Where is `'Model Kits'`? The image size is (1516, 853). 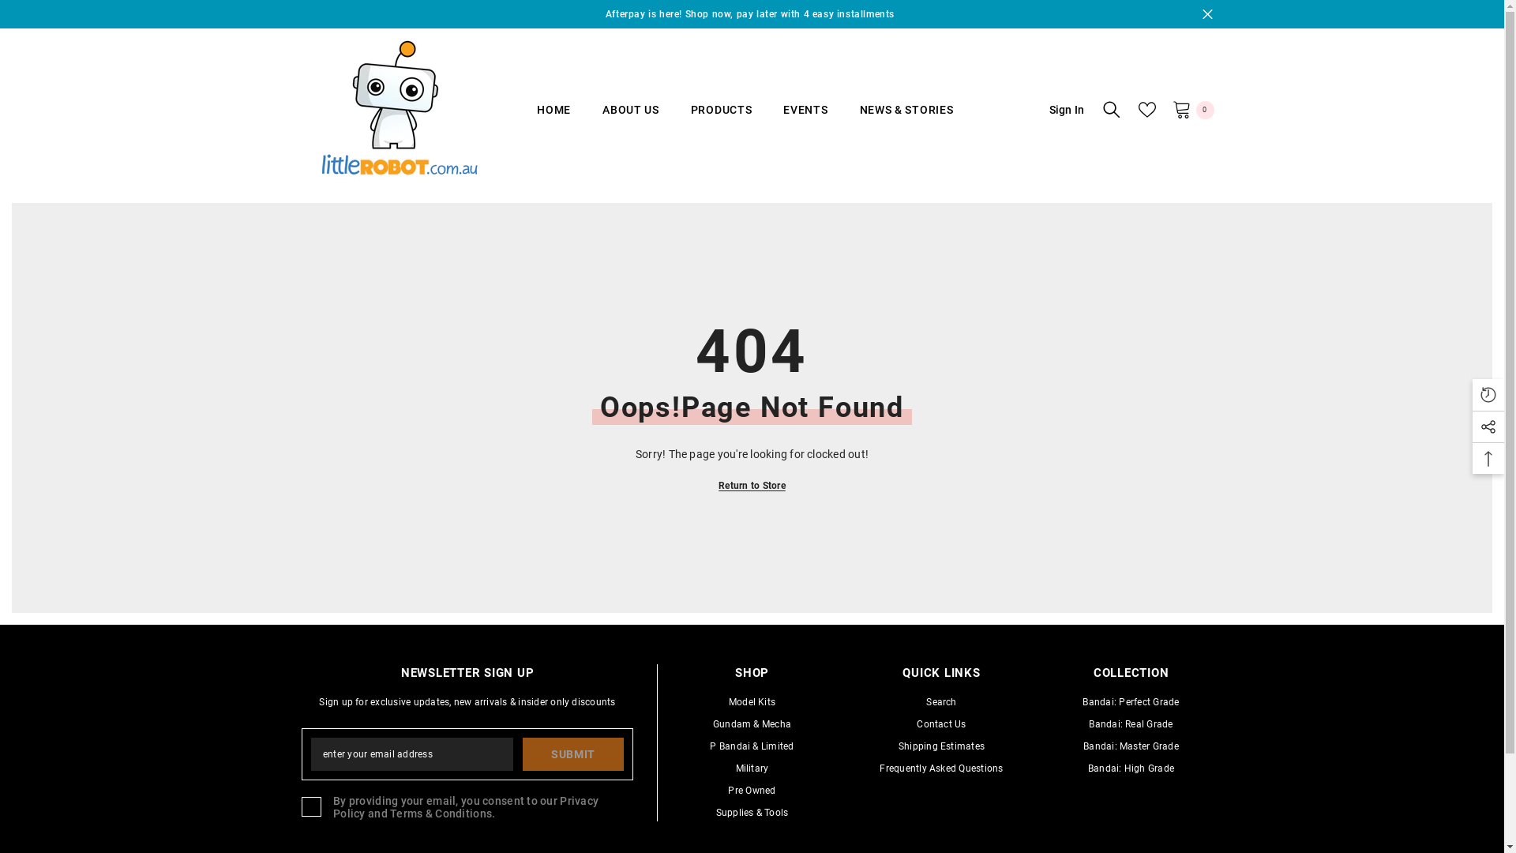
'Model Kits' is located at coordinates (727, 701).